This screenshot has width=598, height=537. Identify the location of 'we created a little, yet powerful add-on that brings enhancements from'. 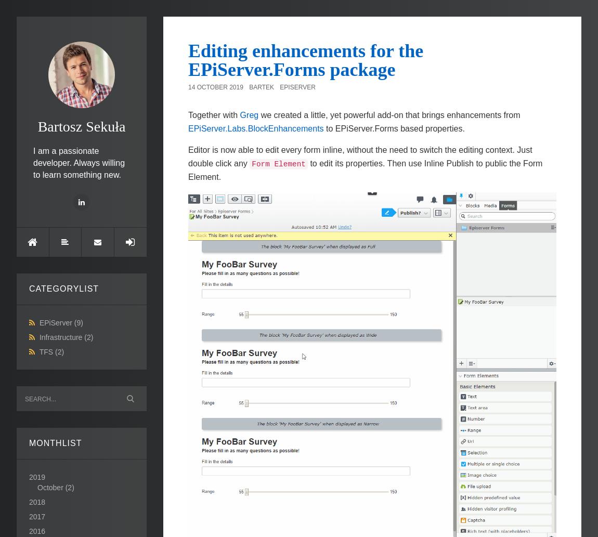
(388, 114).